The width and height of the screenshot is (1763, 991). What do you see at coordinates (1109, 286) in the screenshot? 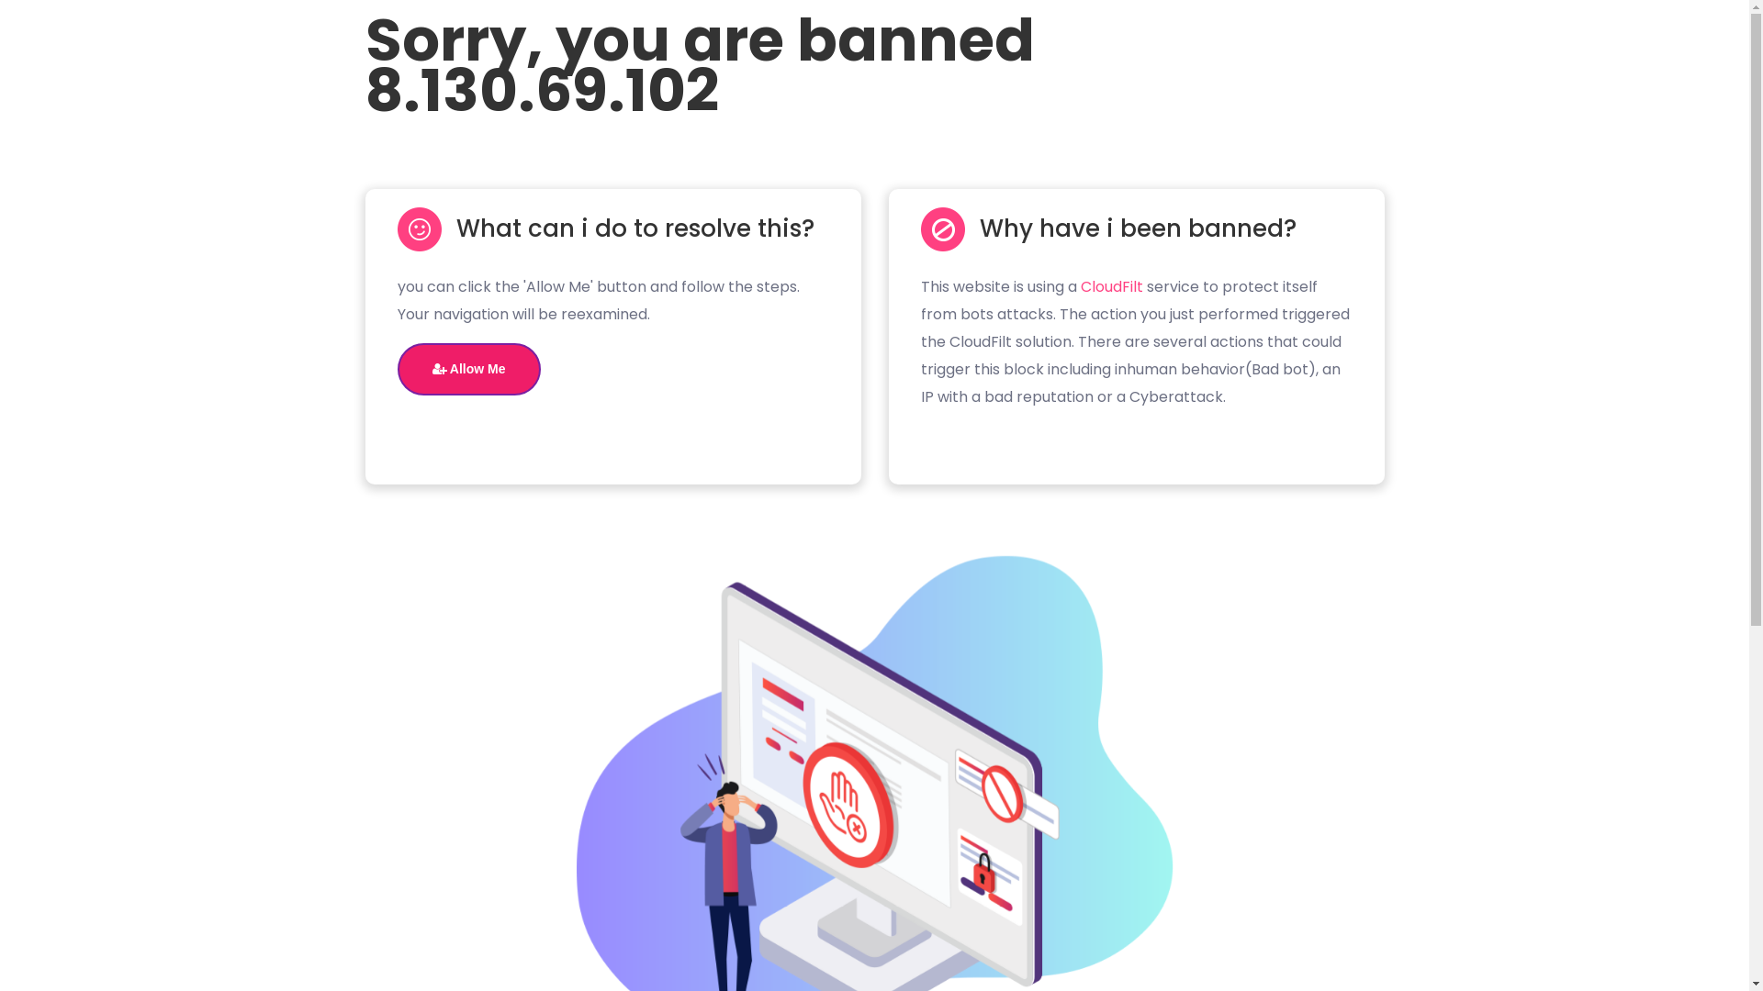
I see `'CloudFilt'` at bounding box center [1109, 286].